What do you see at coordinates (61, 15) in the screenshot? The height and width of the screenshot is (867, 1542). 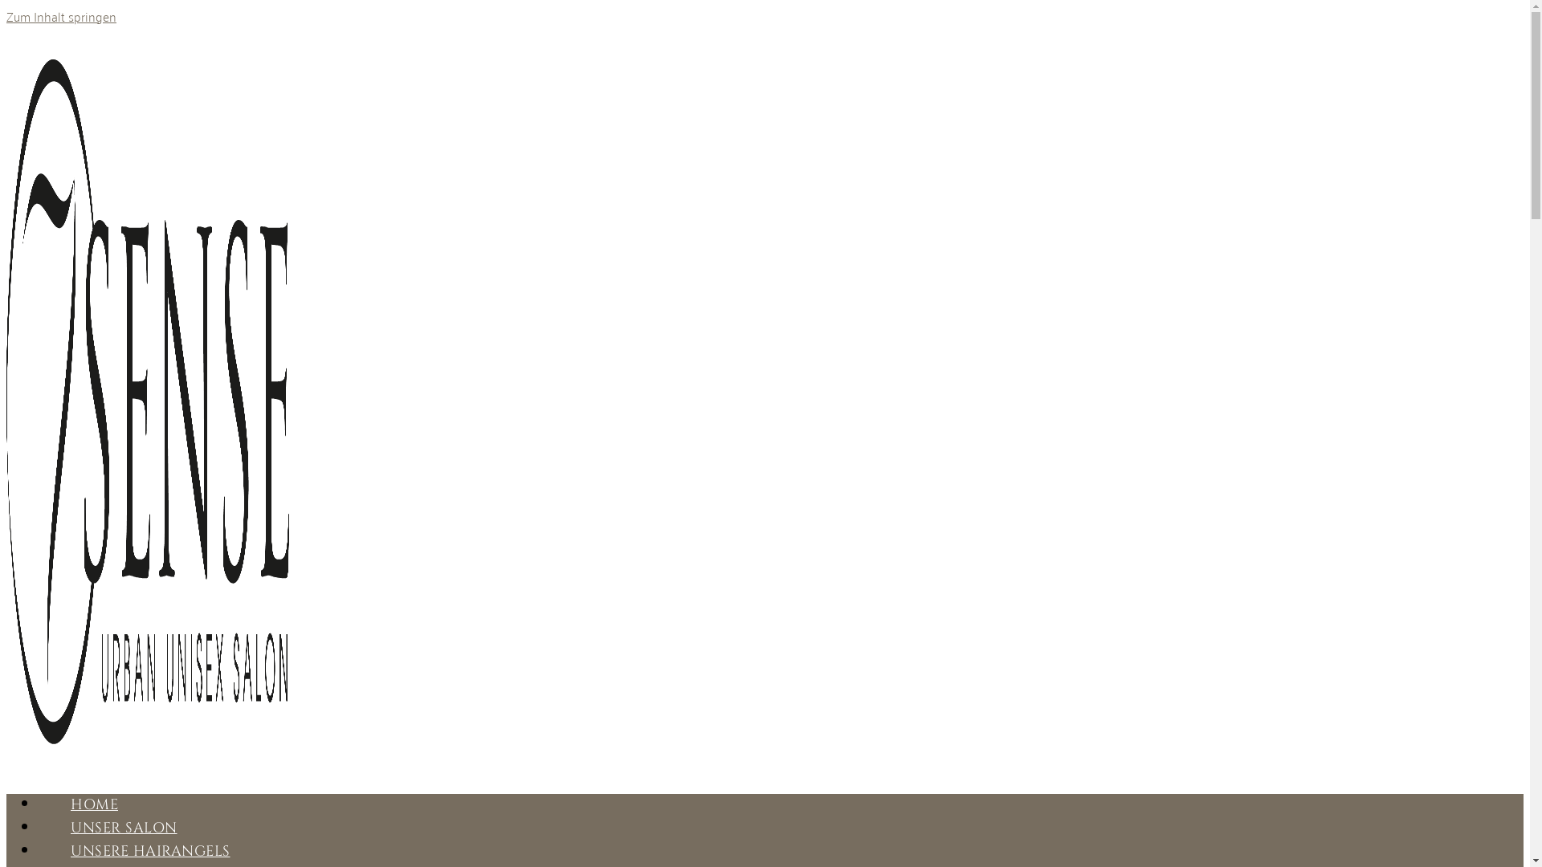 I see `'Zum Inhalt springen'` at bounding box center [61, 15].